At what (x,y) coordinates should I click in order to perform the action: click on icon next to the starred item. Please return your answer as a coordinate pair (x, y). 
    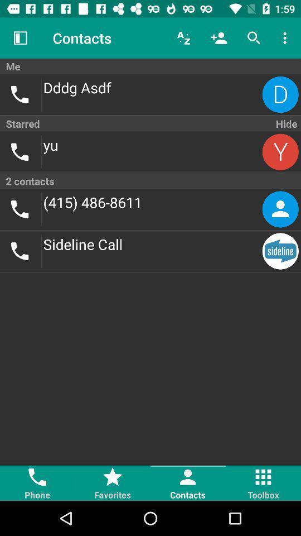
    Looking at the image, I should click on (285, 123).